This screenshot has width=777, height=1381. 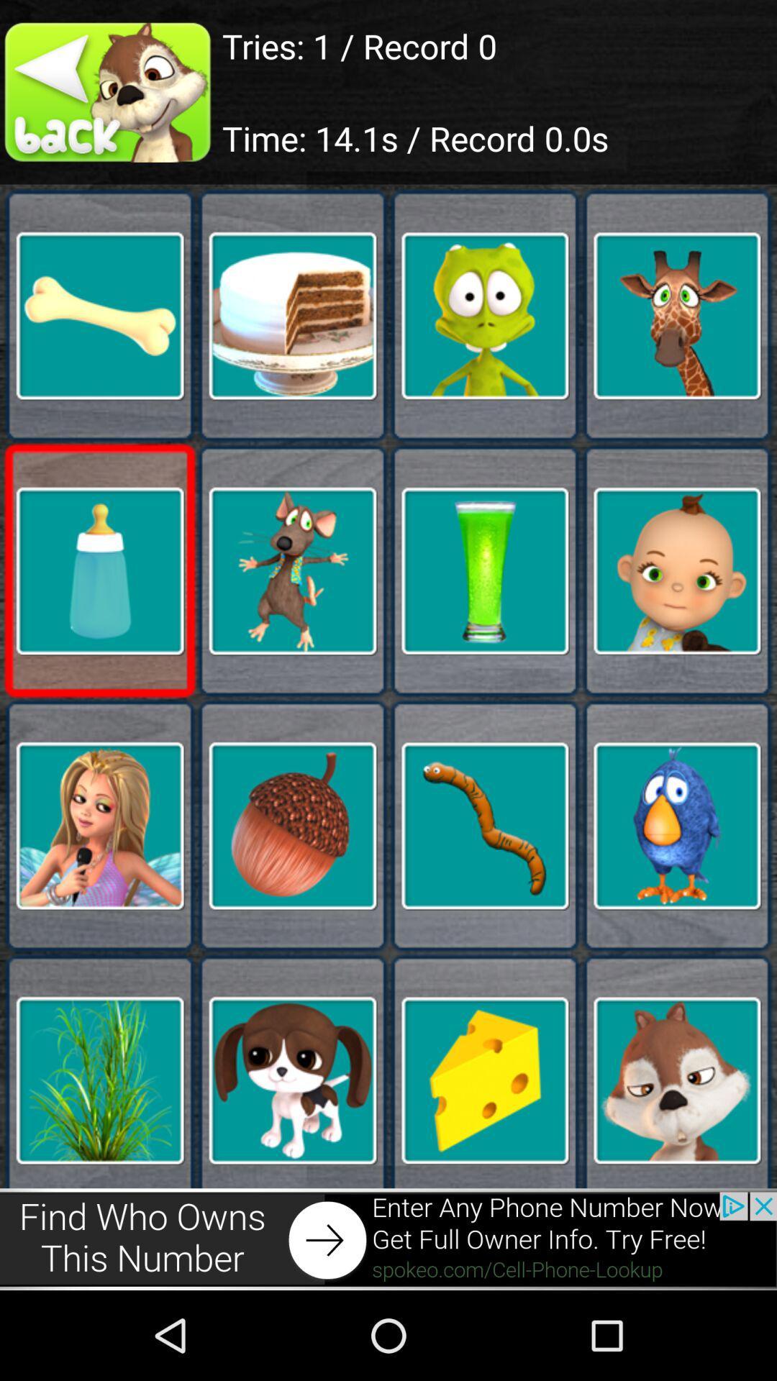 I want to click on go back, so click(x=110, y=91).